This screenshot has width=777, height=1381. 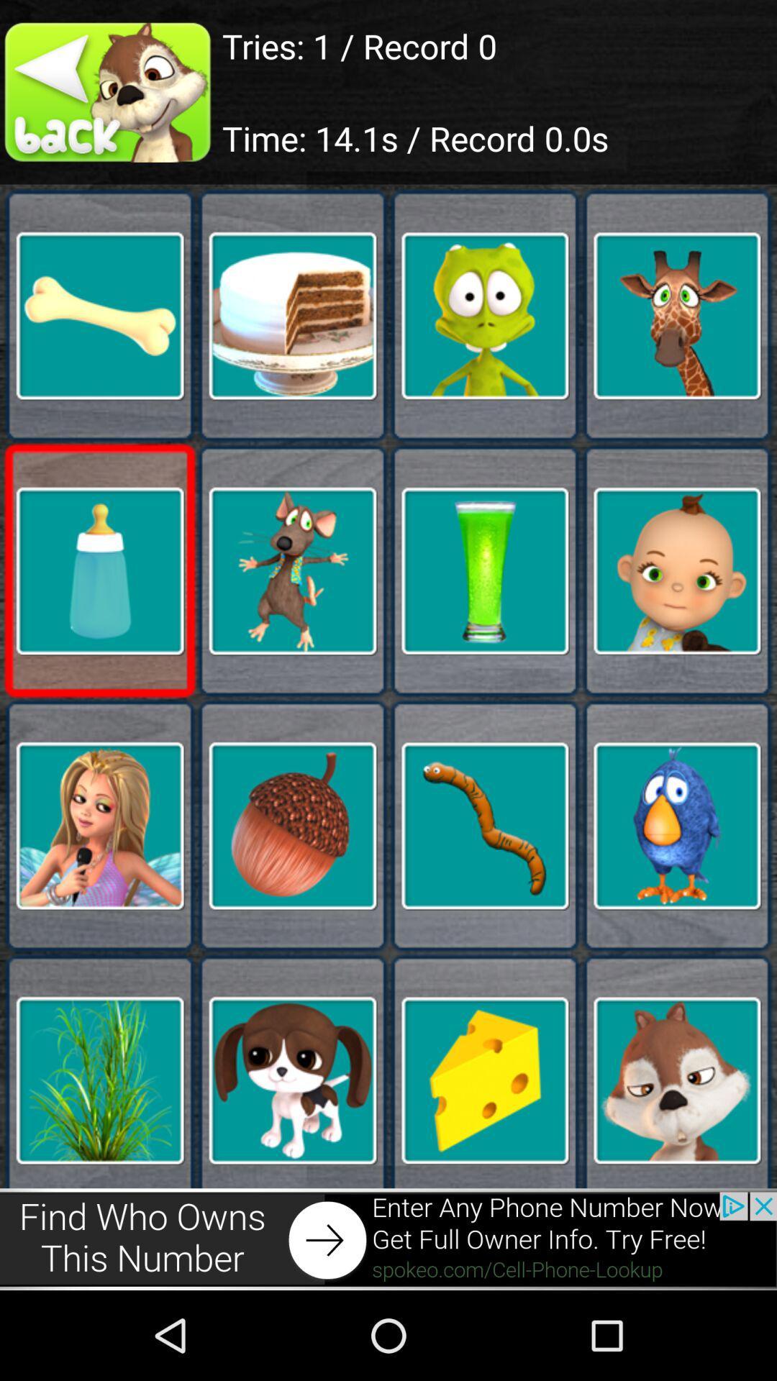 I want to click on go back, so click(x=110, y=91).